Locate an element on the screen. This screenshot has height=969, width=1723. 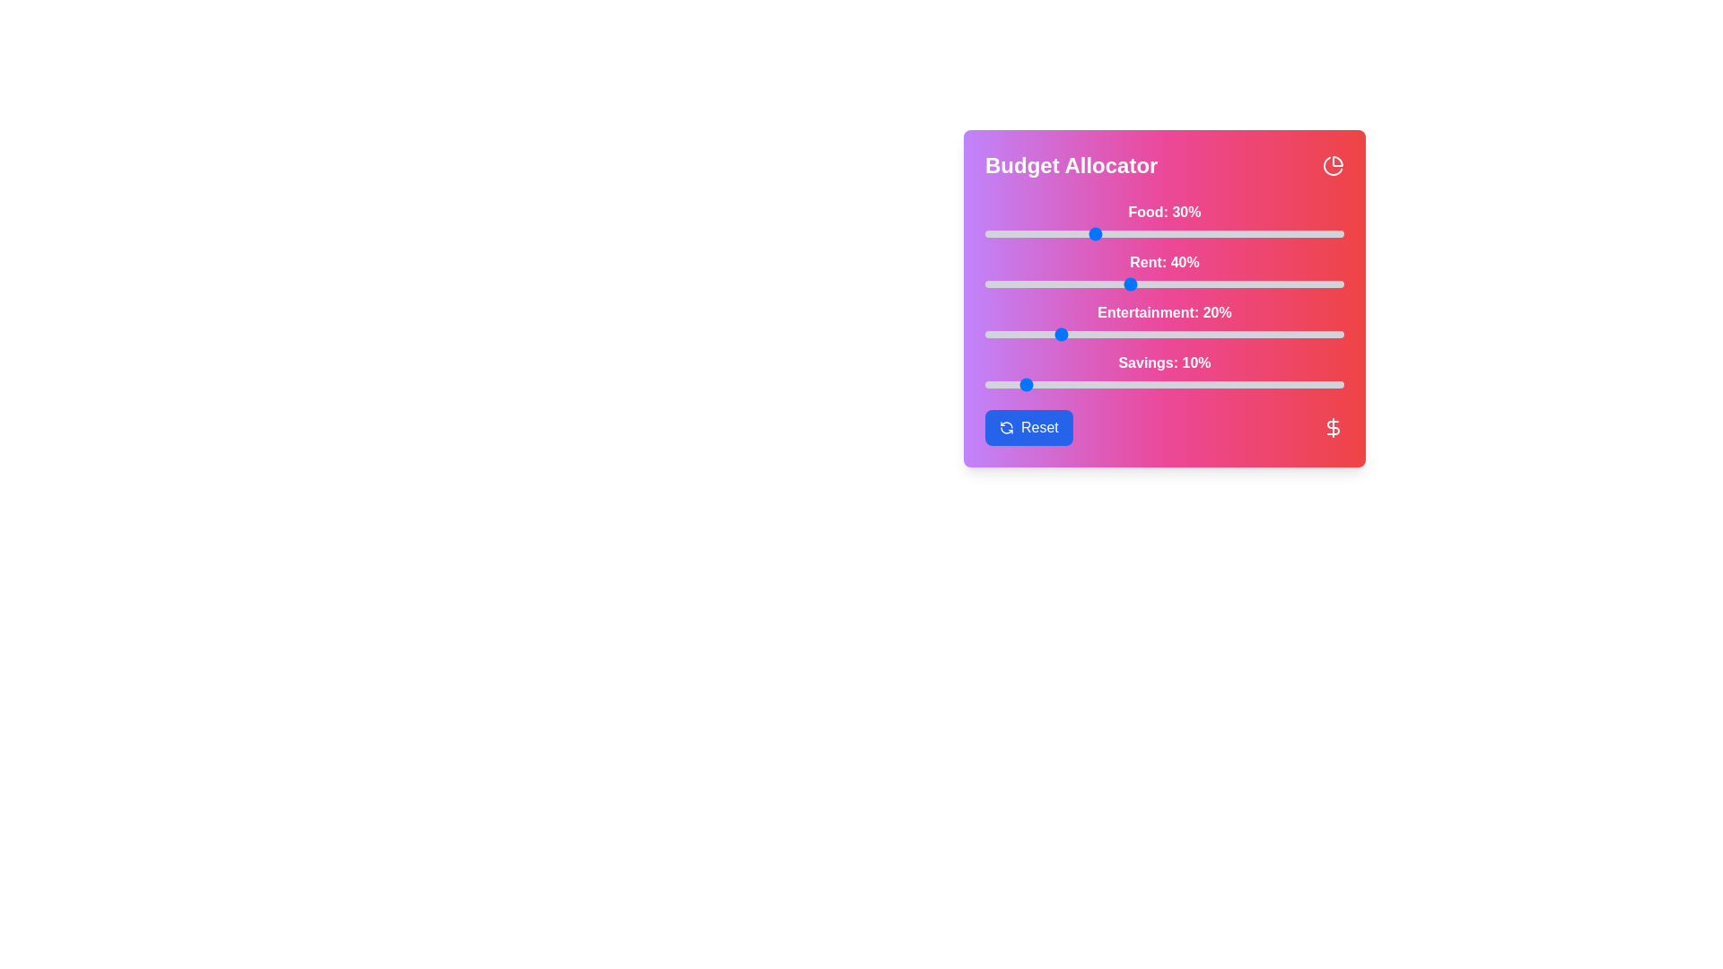
the slider value is located at coordinates (1124, 335).